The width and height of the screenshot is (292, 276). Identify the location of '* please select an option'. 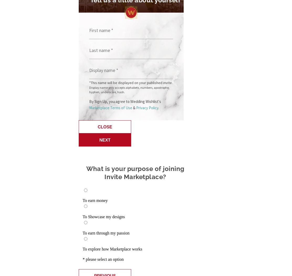
(103, 259).